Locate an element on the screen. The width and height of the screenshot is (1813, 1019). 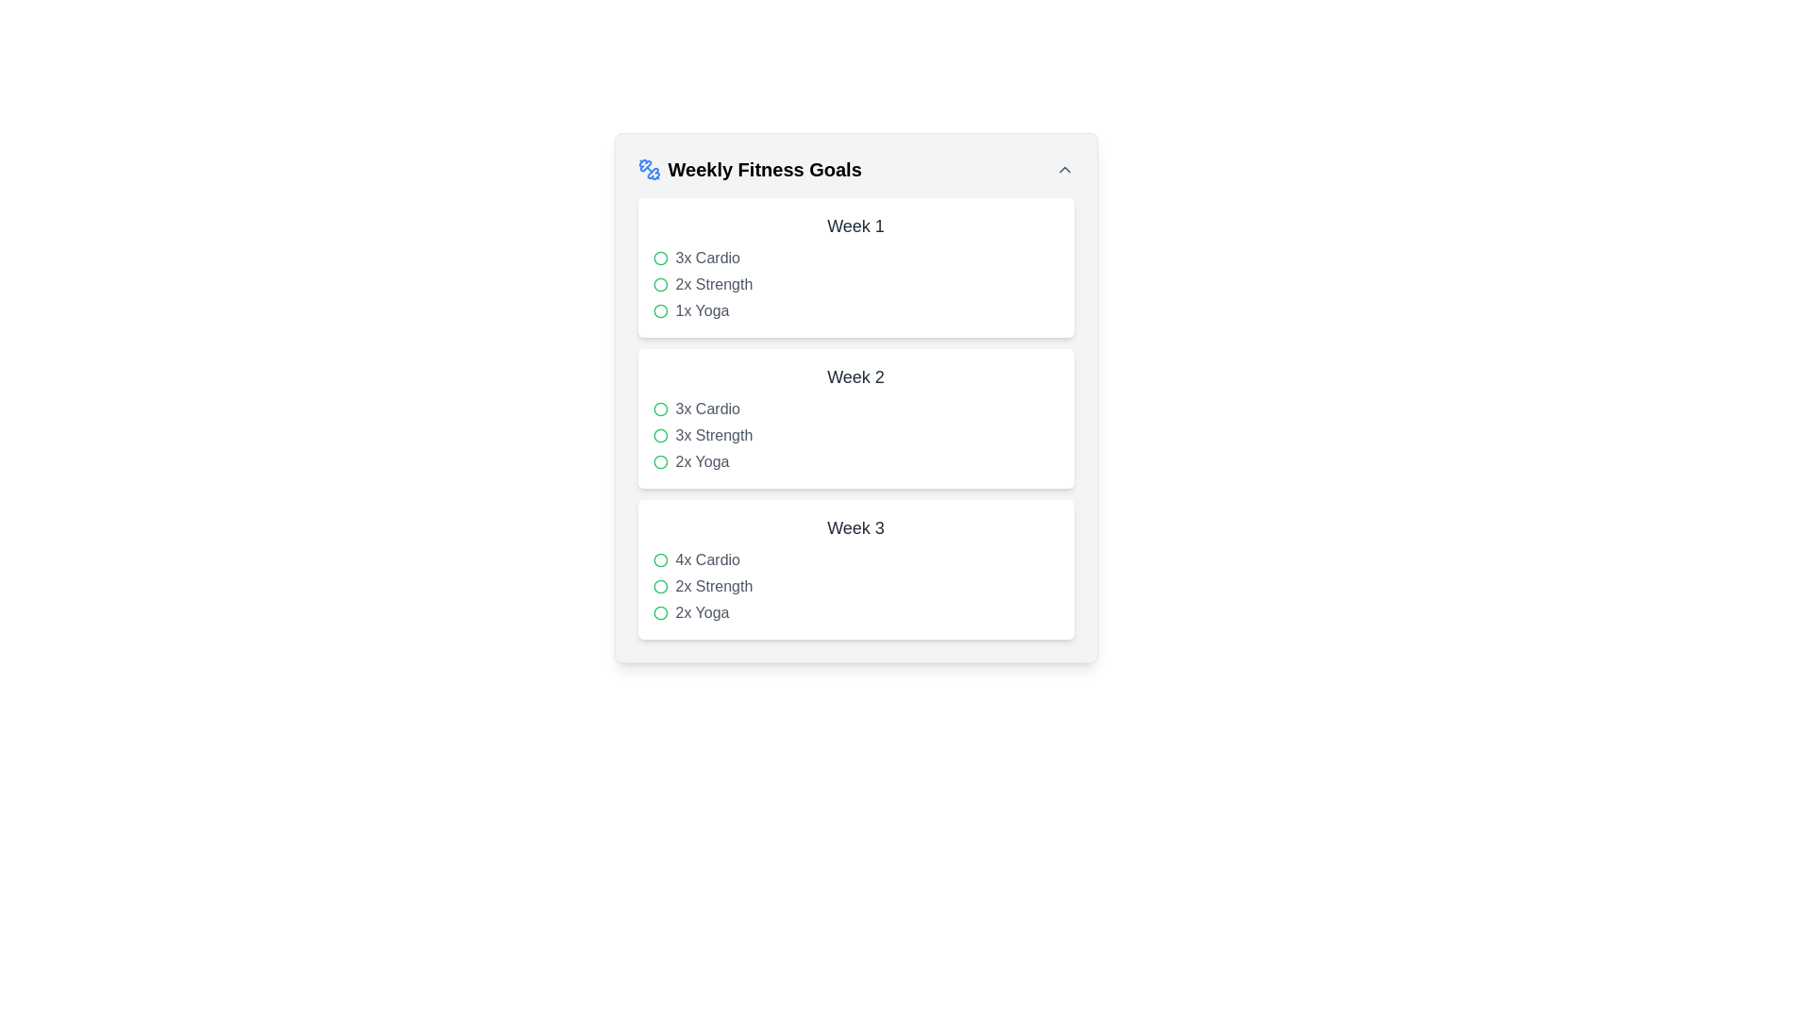
the static text element that serves as a label for part of the user's weekly goals, located in the 'Week 1' section under 'Weekly Fitness Goals', which is the second item in a vertical list is located at coordinates (713, 284).